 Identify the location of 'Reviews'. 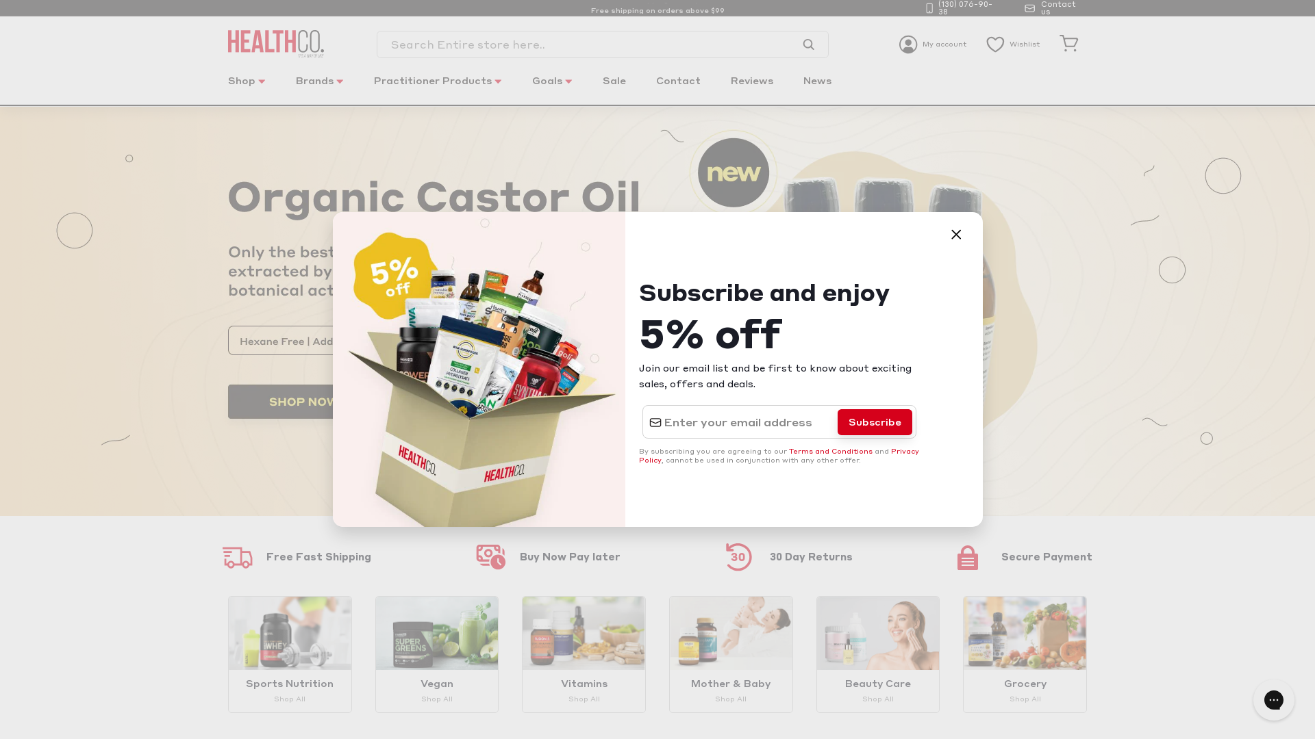
(751, 88).